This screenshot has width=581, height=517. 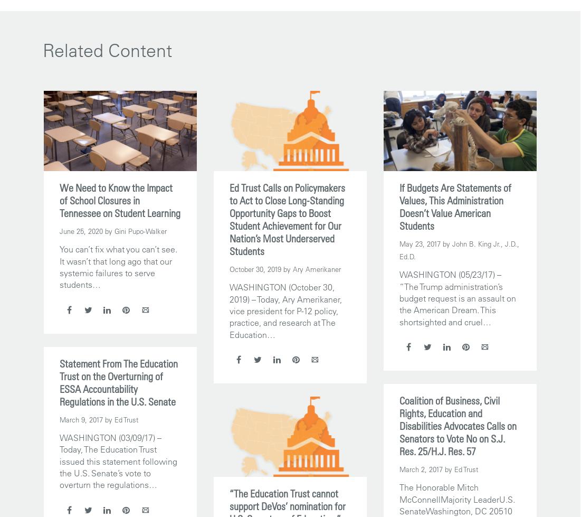 I want to click on 'WASHINGTON (October 30, 2019) – Today, Ary Amerikaner, vice president for P-12 policy, practice, and research at The Education…', so click(x=284, y=310).